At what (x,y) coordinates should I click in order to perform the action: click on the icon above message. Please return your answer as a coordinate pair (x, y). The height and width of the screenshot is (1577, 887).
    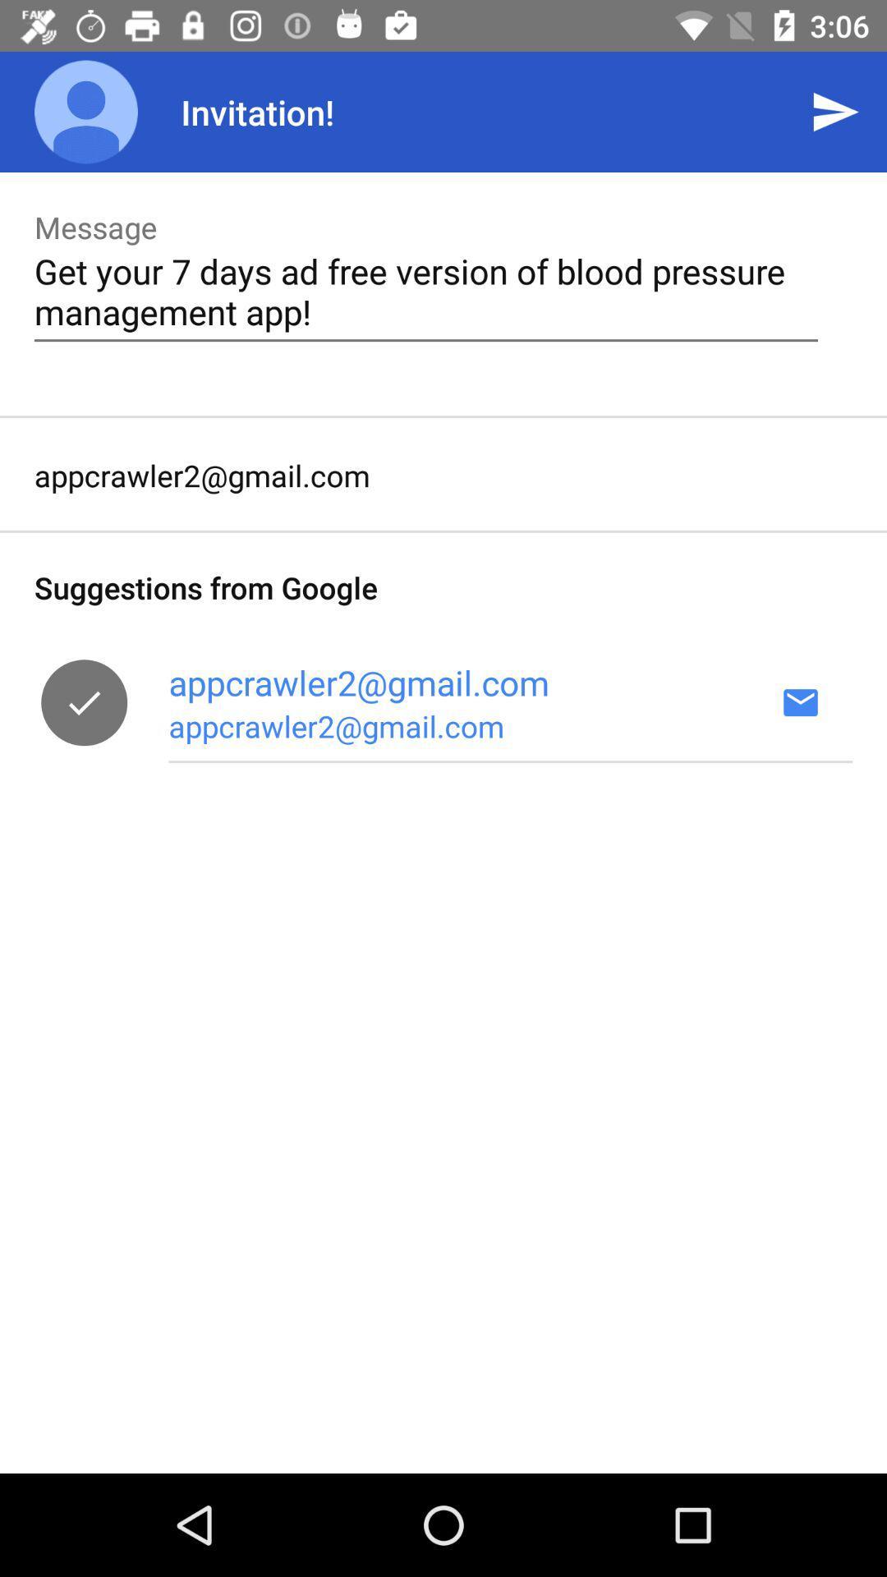
    Looking at the image, I should click on (85, 111).